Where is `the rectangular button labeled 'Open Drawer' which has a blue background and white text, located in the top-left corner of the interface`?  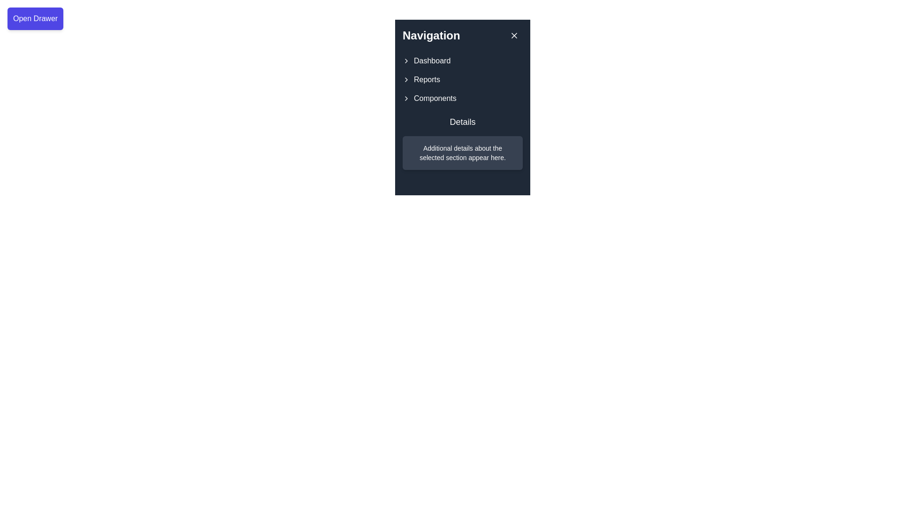 the rectangular button labeled 'Open Drawer' which has a blue background and white text, located in the top-left corner of the interface is located at coordinates (35, 18).